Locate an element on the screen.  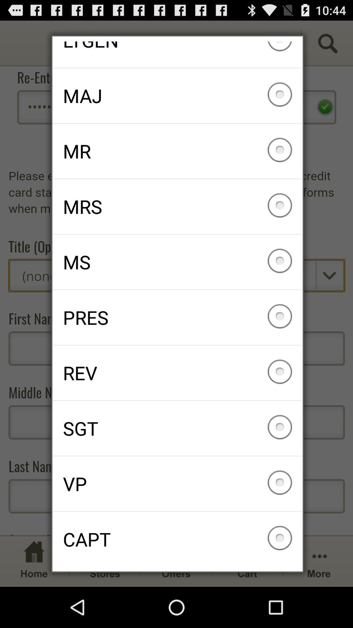
vp icon is located at coordinates (177, 483).